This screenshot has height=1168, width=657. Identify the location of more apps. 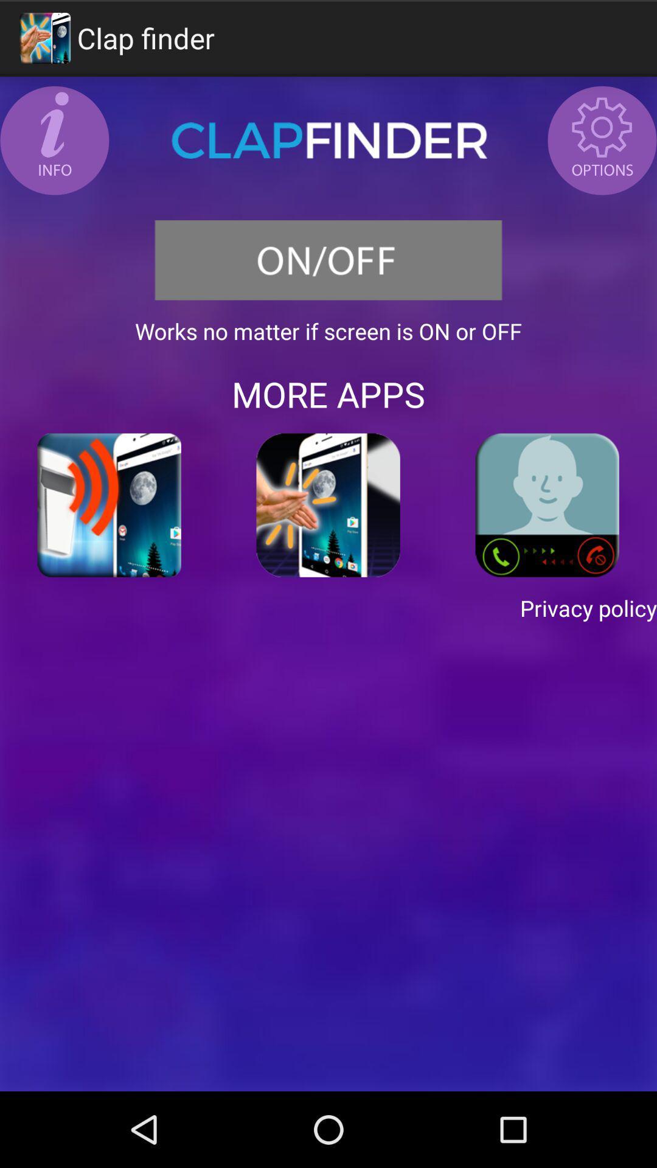
(328, 394).